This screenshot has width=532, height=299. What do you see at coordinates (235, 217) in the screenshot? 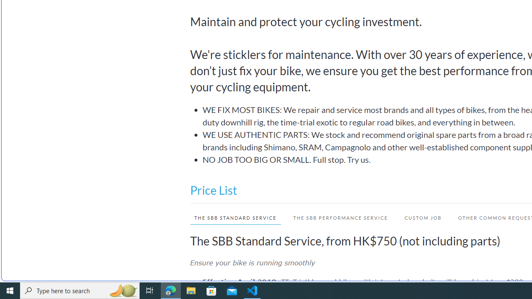
I see `'THE SBB STANDARD SERVICE'` at bounding box center [235, 217].